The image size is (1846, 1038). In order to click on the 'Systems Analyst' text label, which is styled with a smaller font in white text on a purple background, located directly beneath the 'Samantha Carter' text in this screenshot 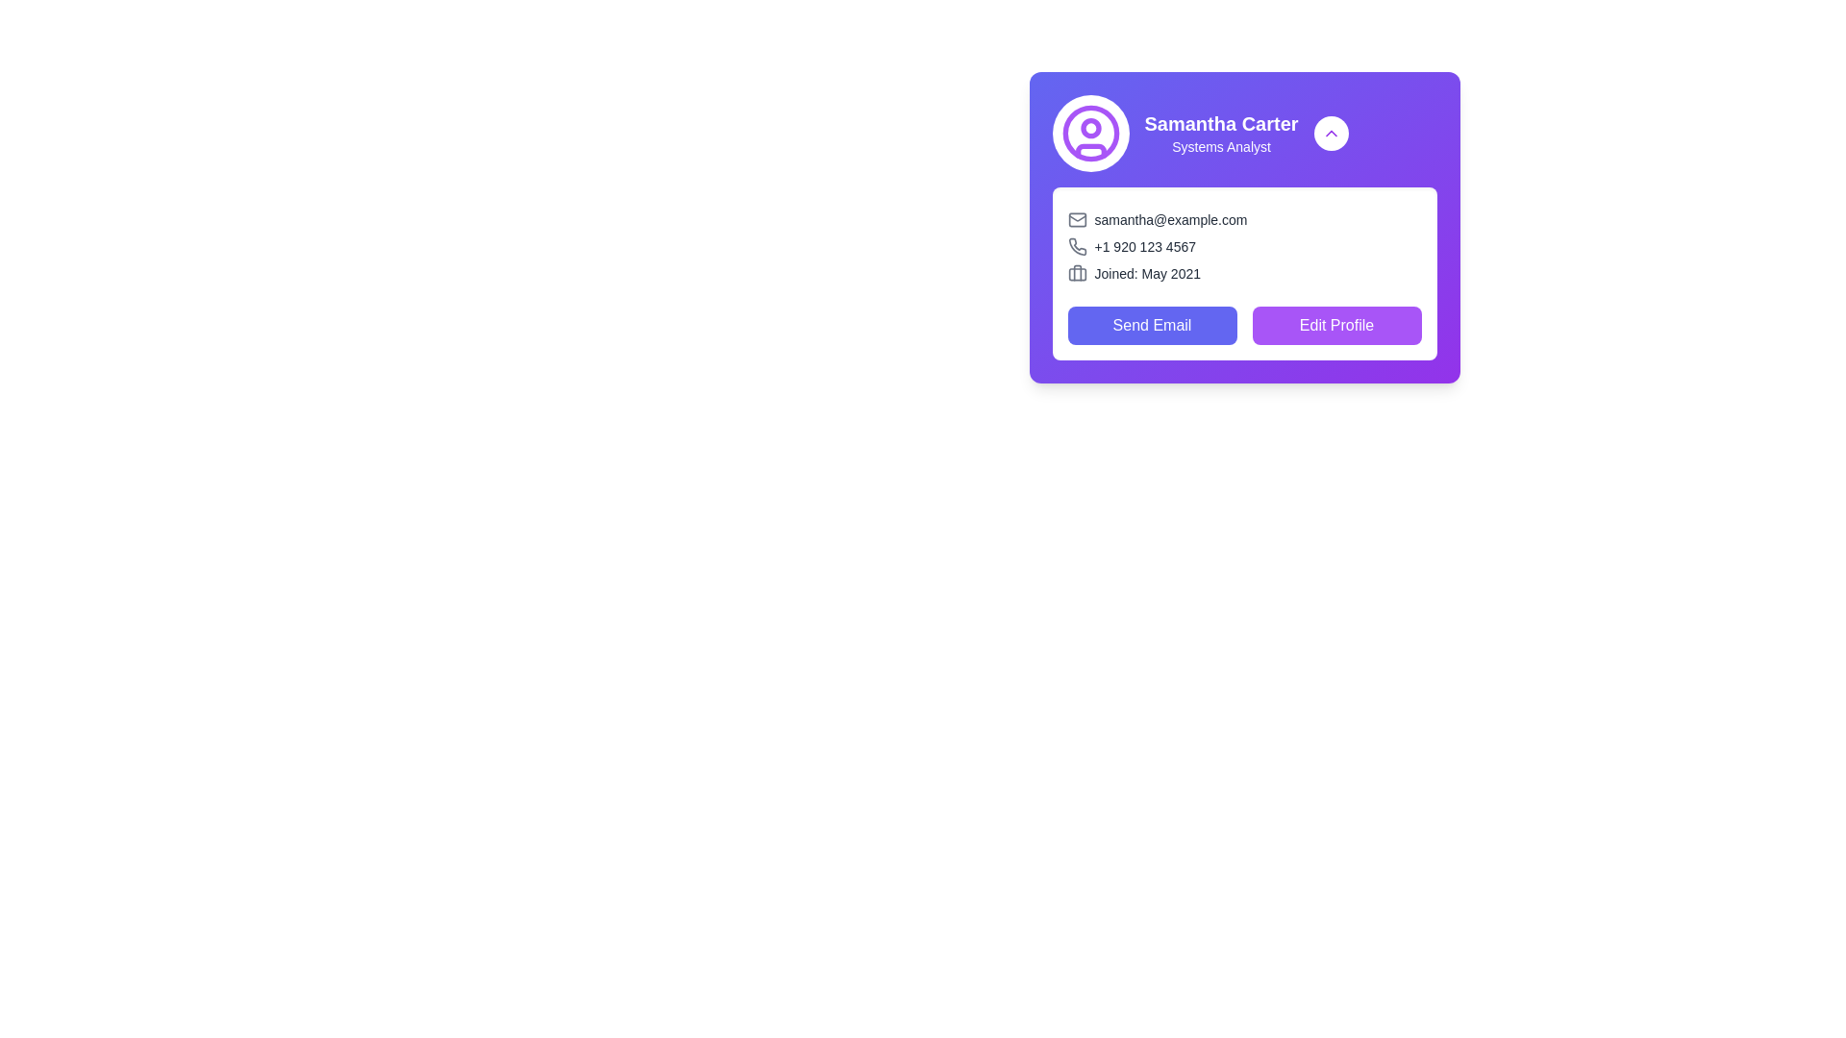, I will do `click(1220, 146)`.